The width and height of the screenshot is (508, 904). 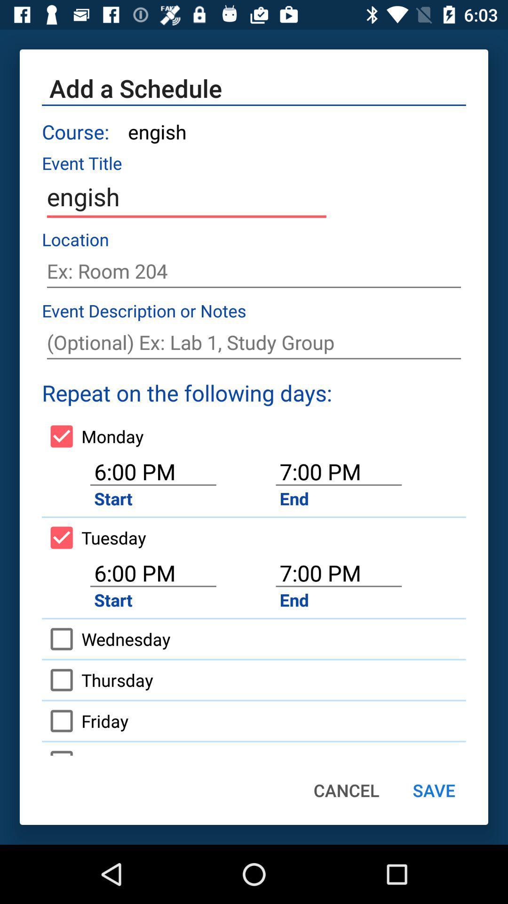 I want to click on the icon next to the end, so click(x=106, y=639).